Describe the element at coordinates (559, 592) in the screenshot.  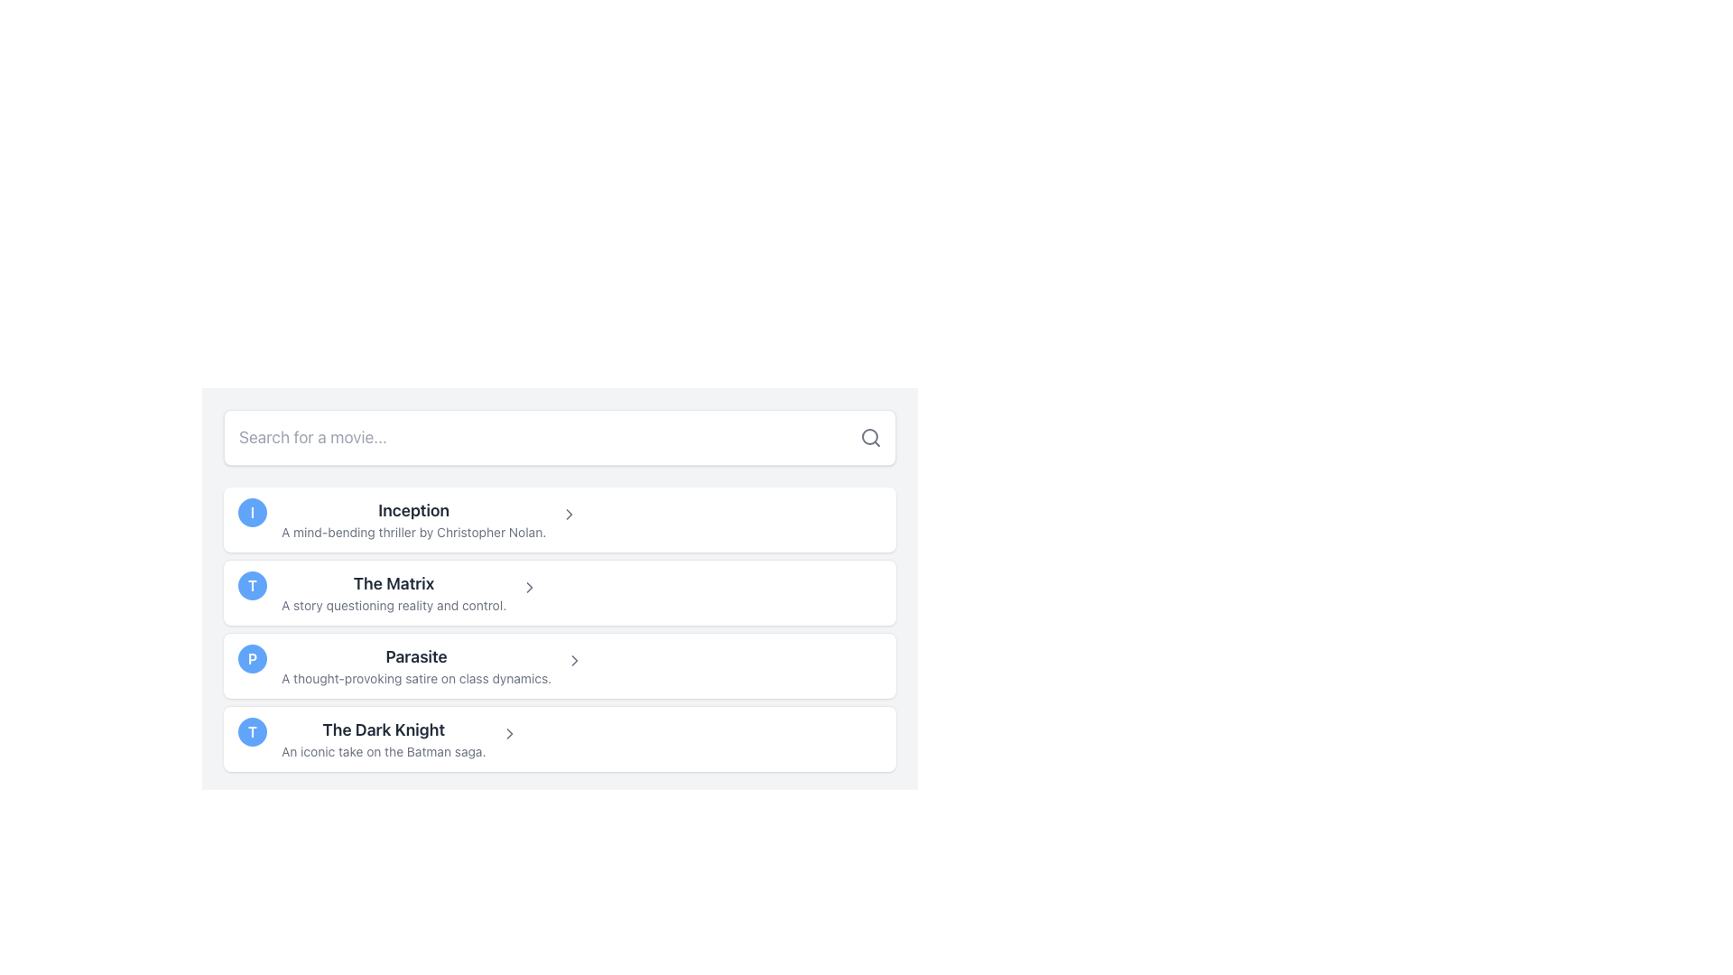
I see `the list item representing the movie 'The Matrix'` at that location.